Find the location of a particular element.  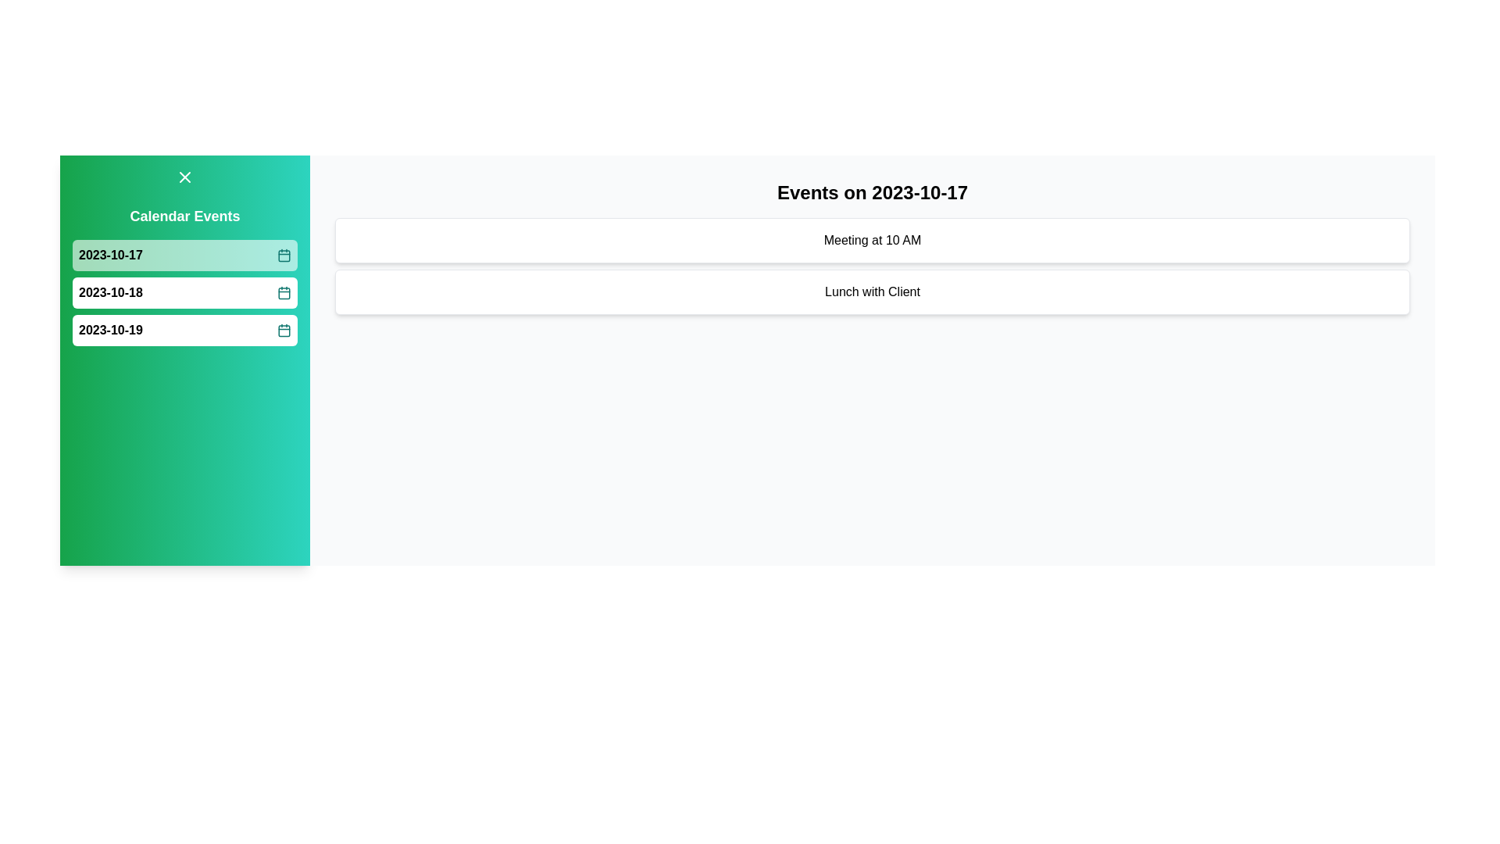

the button with the 'X' icon to toggle the drawer is located at coordinates (184, 177).